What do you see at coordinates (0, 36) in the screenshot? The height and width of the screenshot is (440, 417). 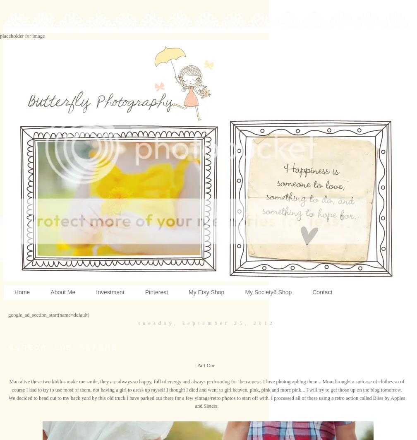 I see `'placeholder for image'` at bounding box center [0, 36].